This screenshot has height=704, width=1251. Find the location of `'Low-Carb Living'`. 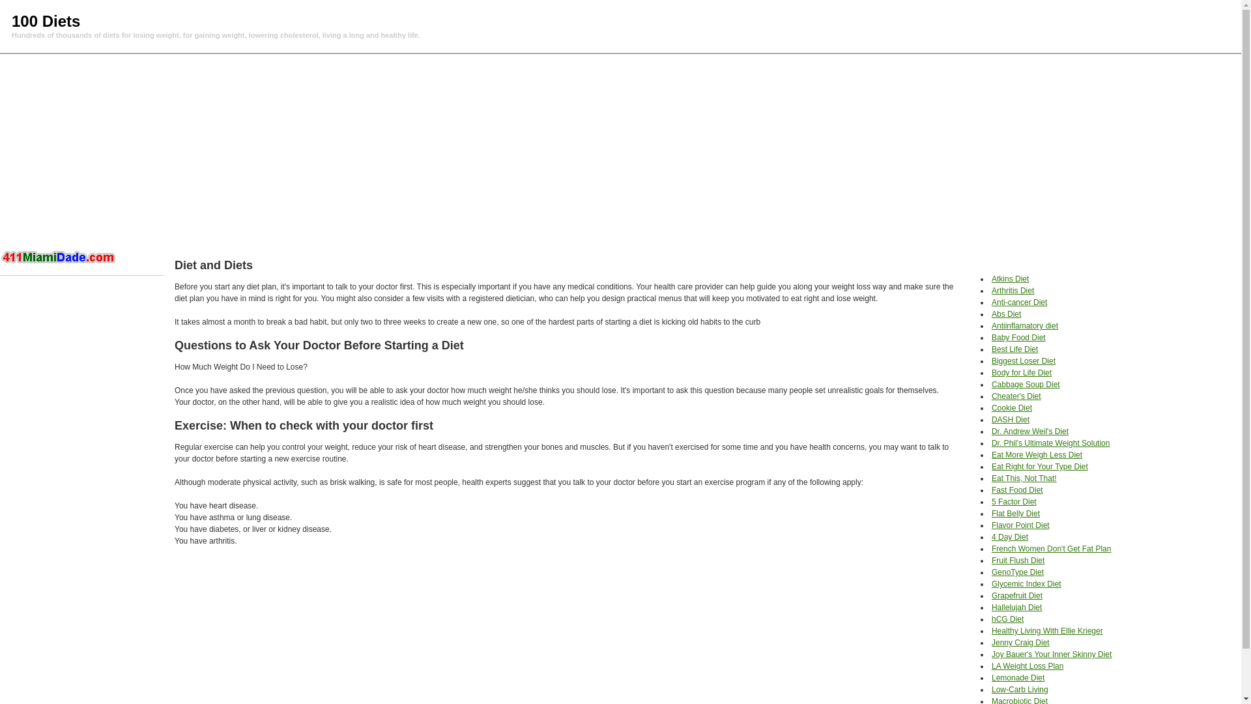

'Low-Carb Living' is located at coordinates (1019, 688).